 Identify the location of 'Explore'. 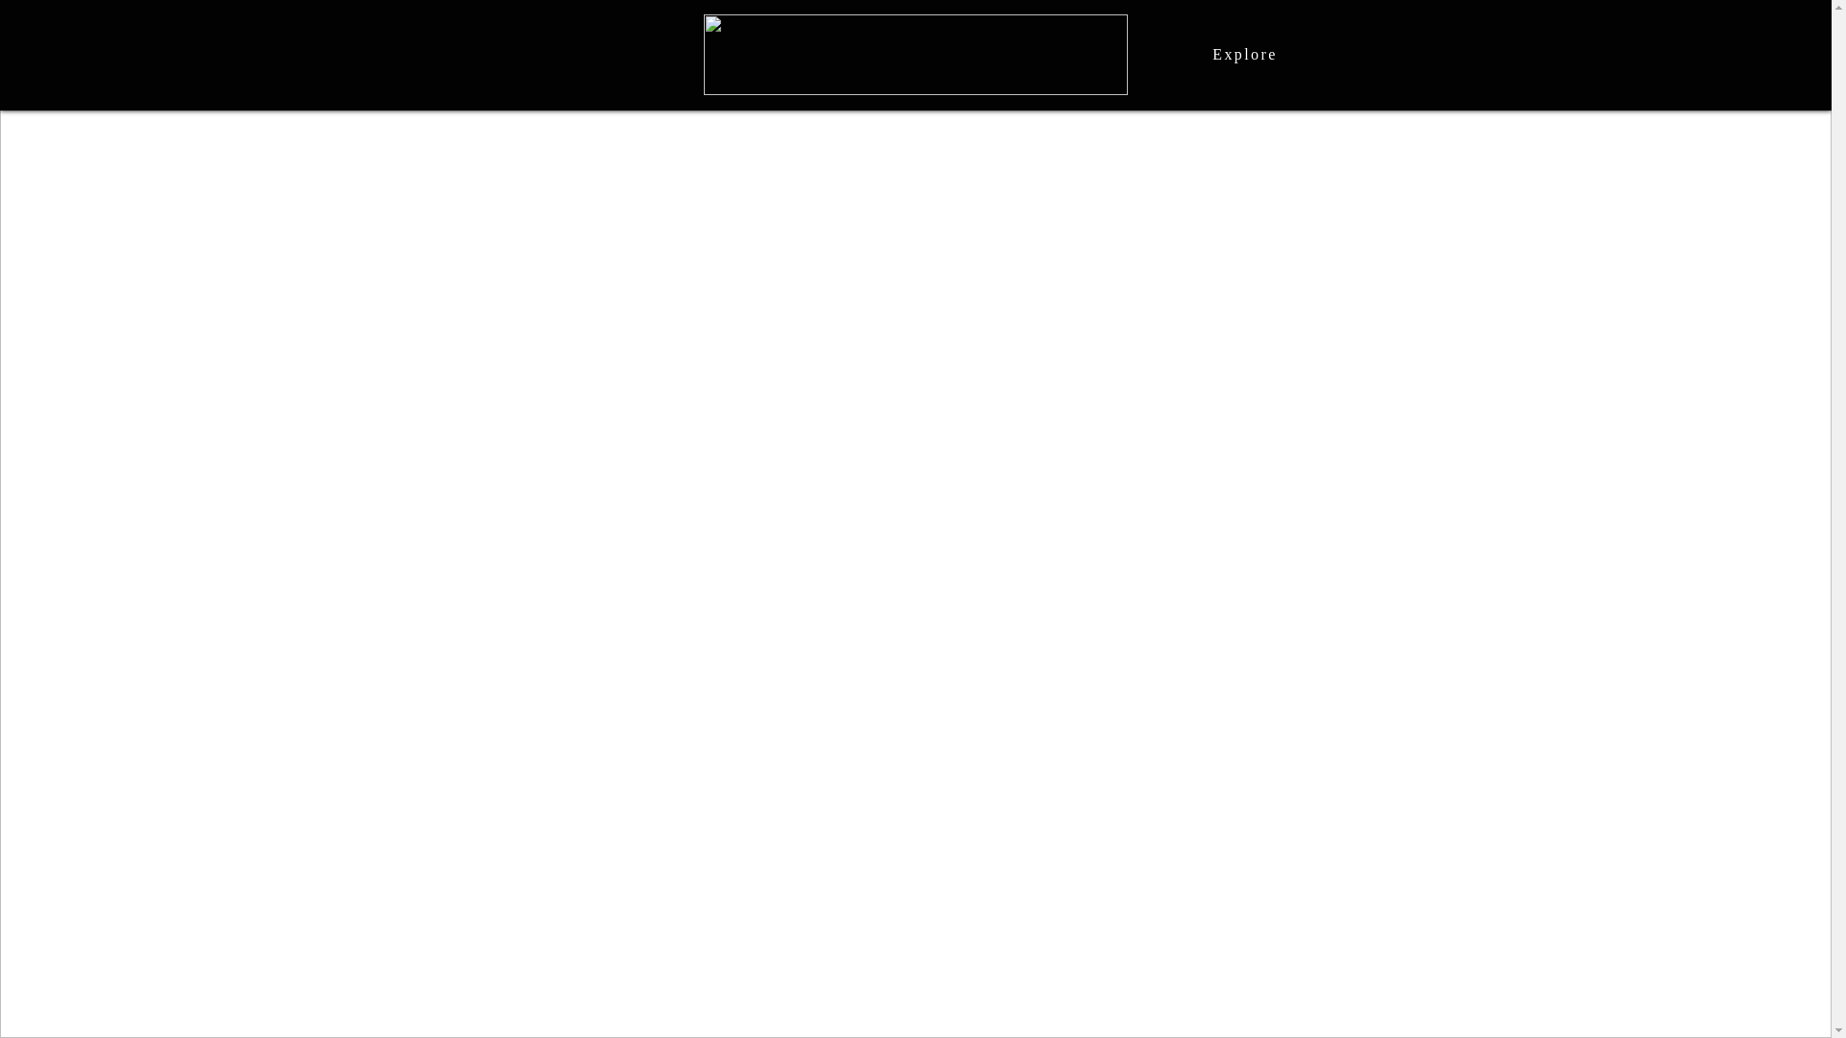
(1245, 54).